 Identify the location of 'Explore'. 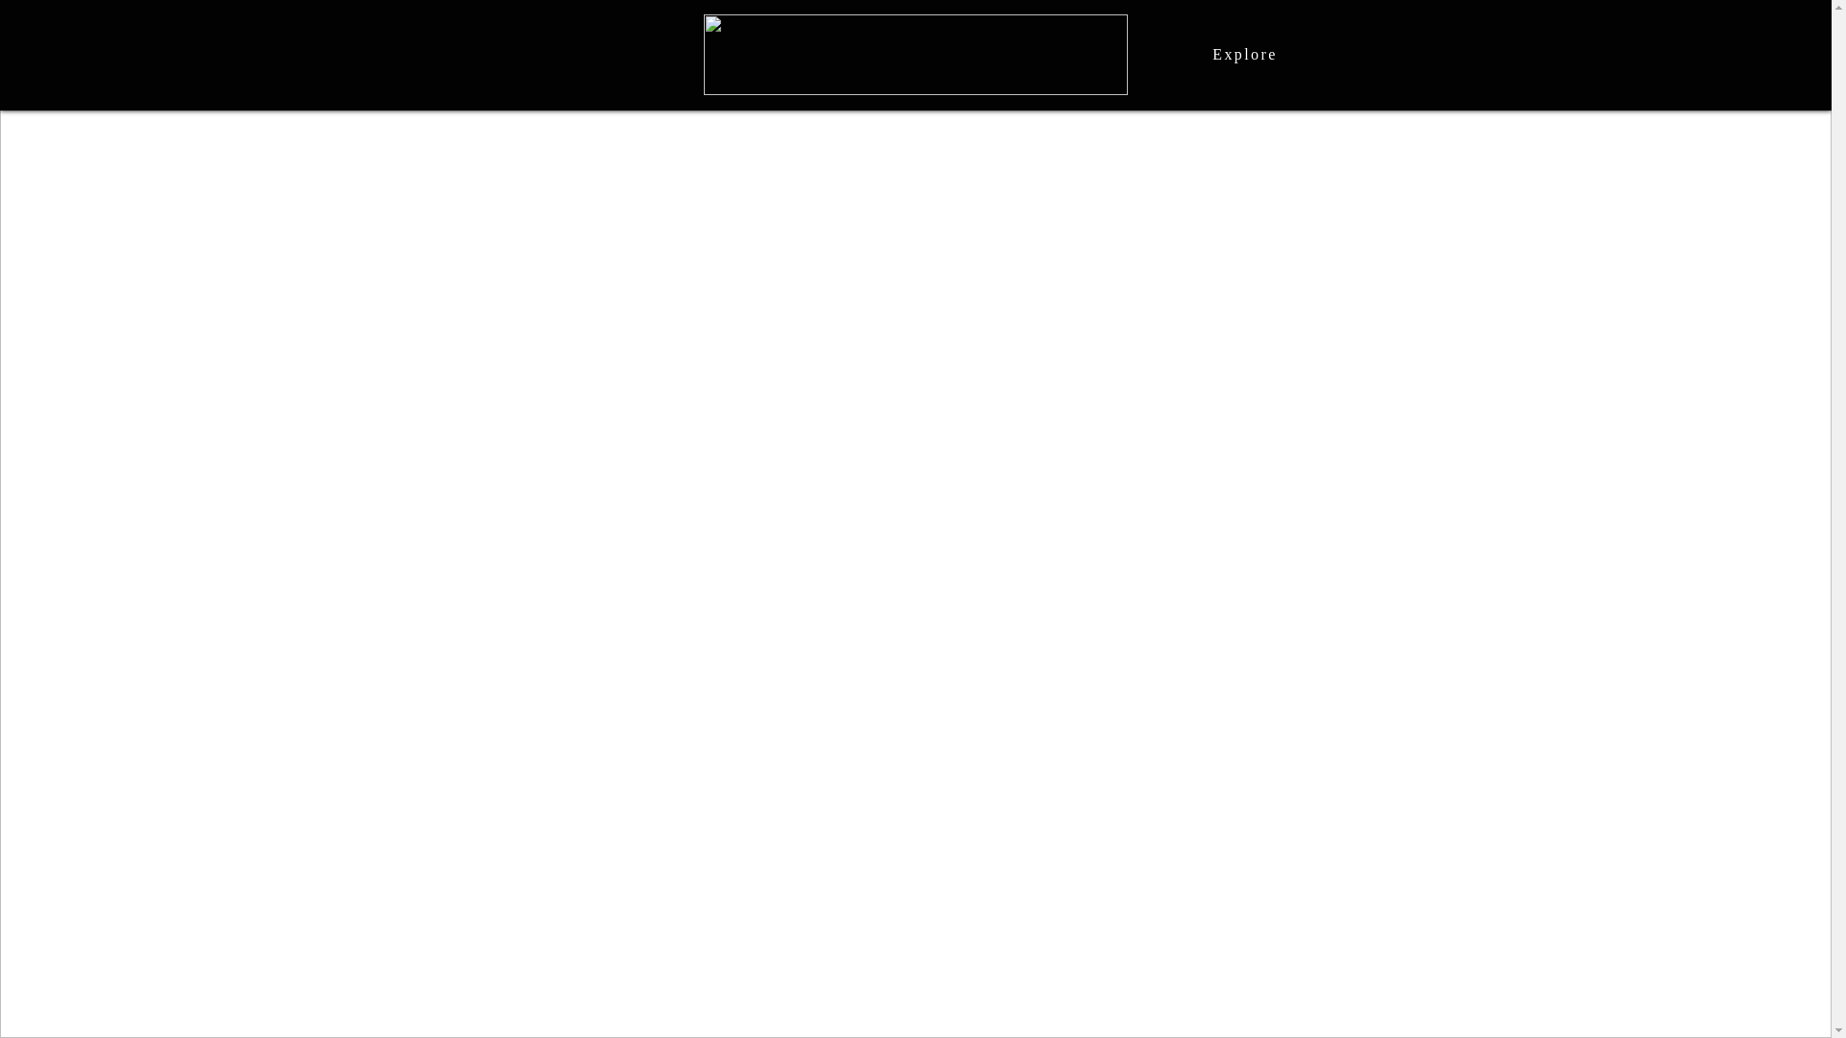
(1245, 54).